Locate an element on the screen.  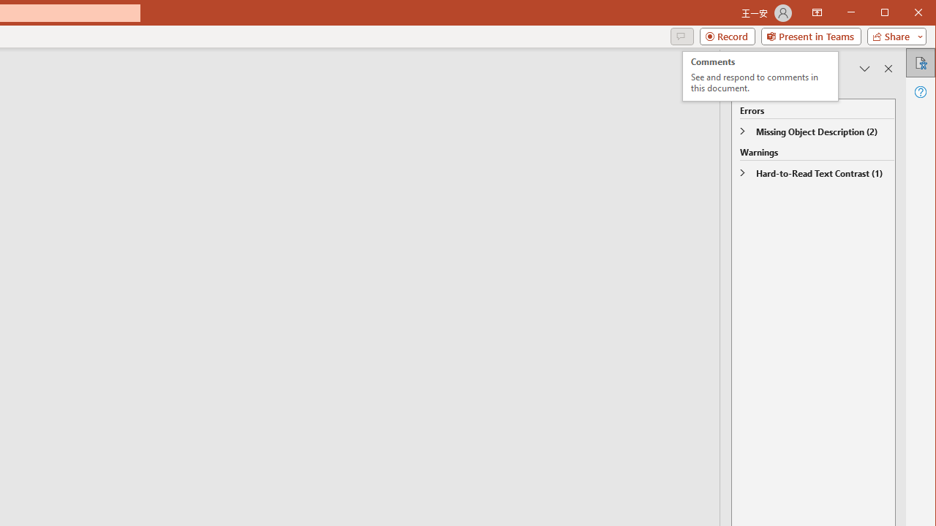
'Maximize' is located at coordinates (905, 14).